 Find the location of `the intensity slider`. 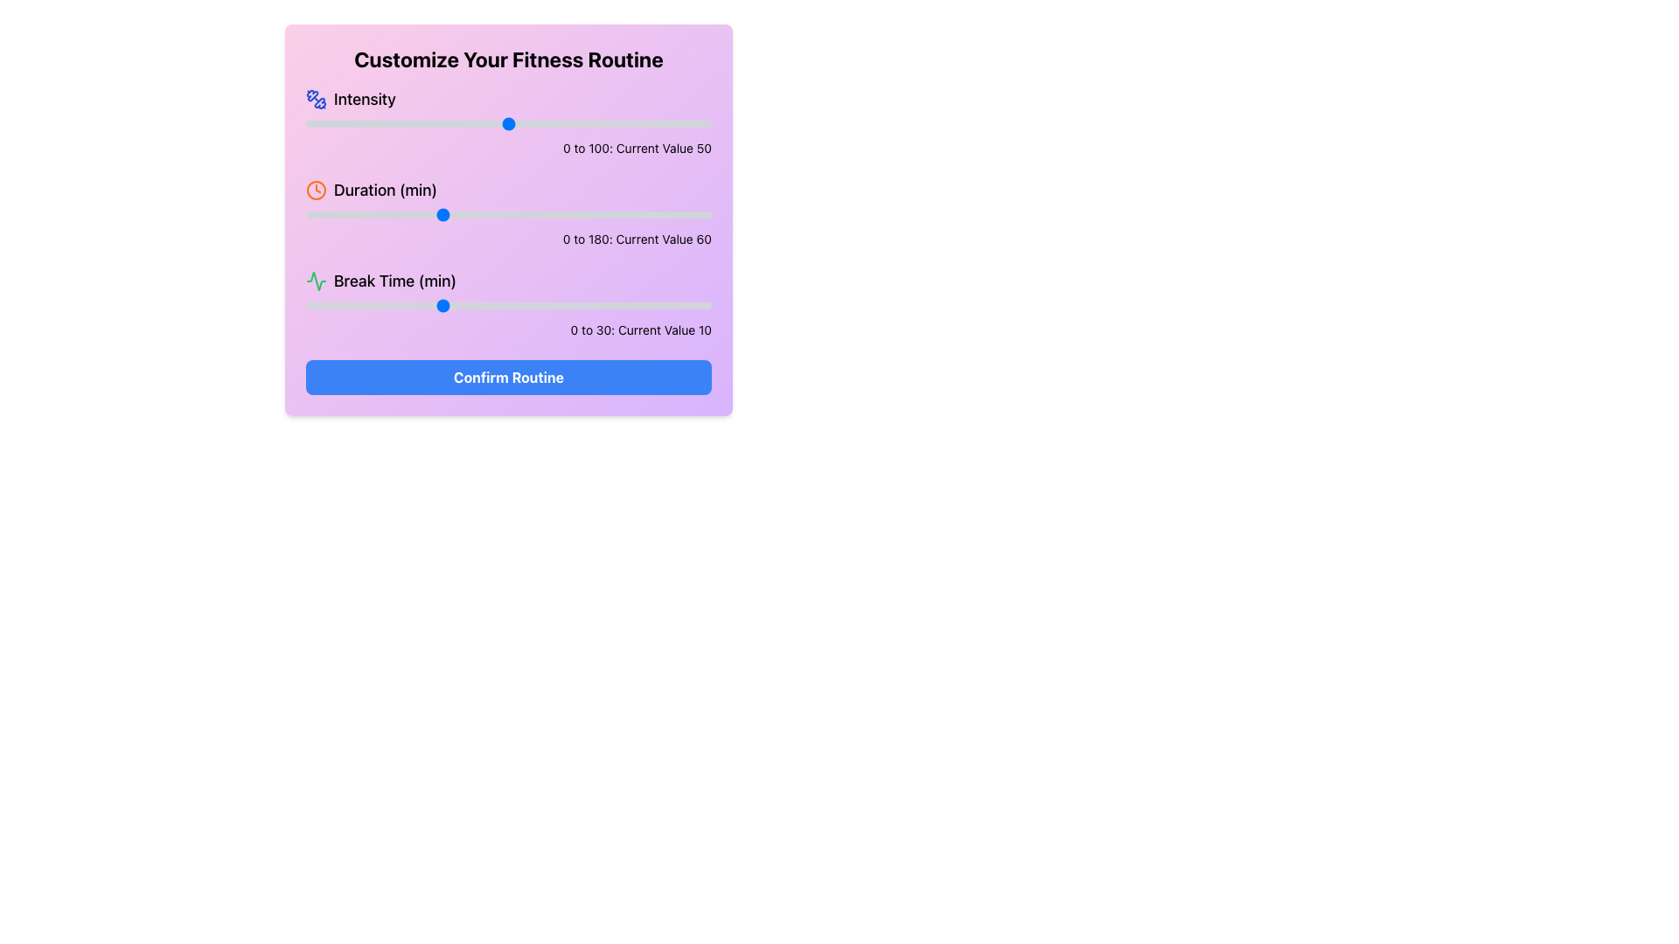

the intensity slider is located at coordinates (361, 123).